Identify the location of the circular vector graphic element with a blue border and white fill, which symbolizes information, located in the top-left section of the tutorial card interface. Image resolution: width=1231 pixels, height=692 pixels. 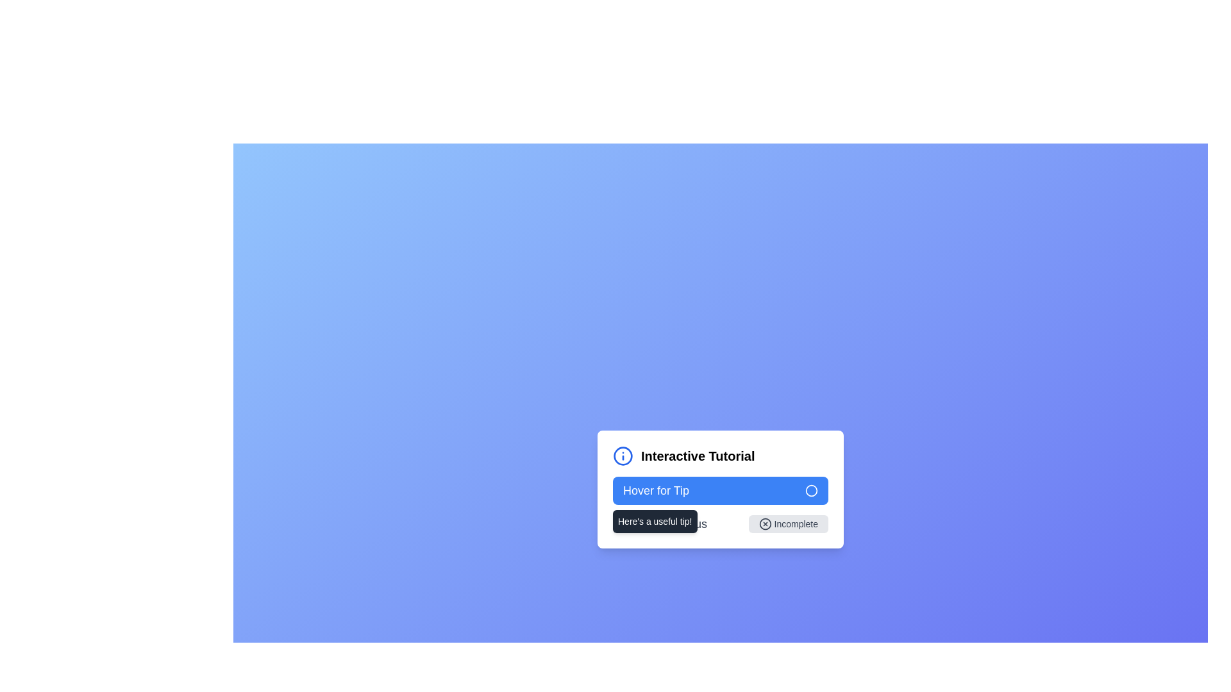
(623, 456).